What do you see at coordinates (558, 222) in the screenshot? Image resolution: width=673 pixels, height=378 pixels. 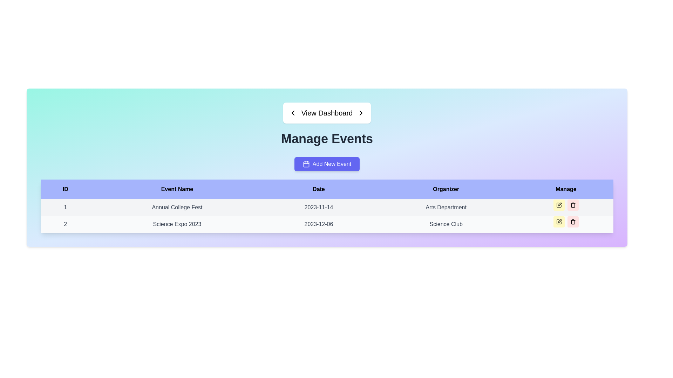 I see `the edit Icon button located at the bottom right of the second row under the 'Manage' column in the table` at bounding box center [558, 222].